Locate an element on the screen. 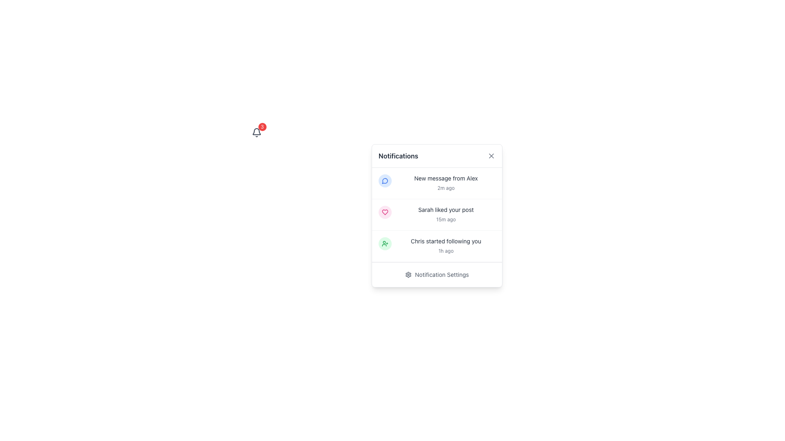 The image size is (785, 441). the user icon with a plus symbol, which is styled with a green foreground and a light-green circular background, located in the notifications menu is located at coordinates (384, 243).